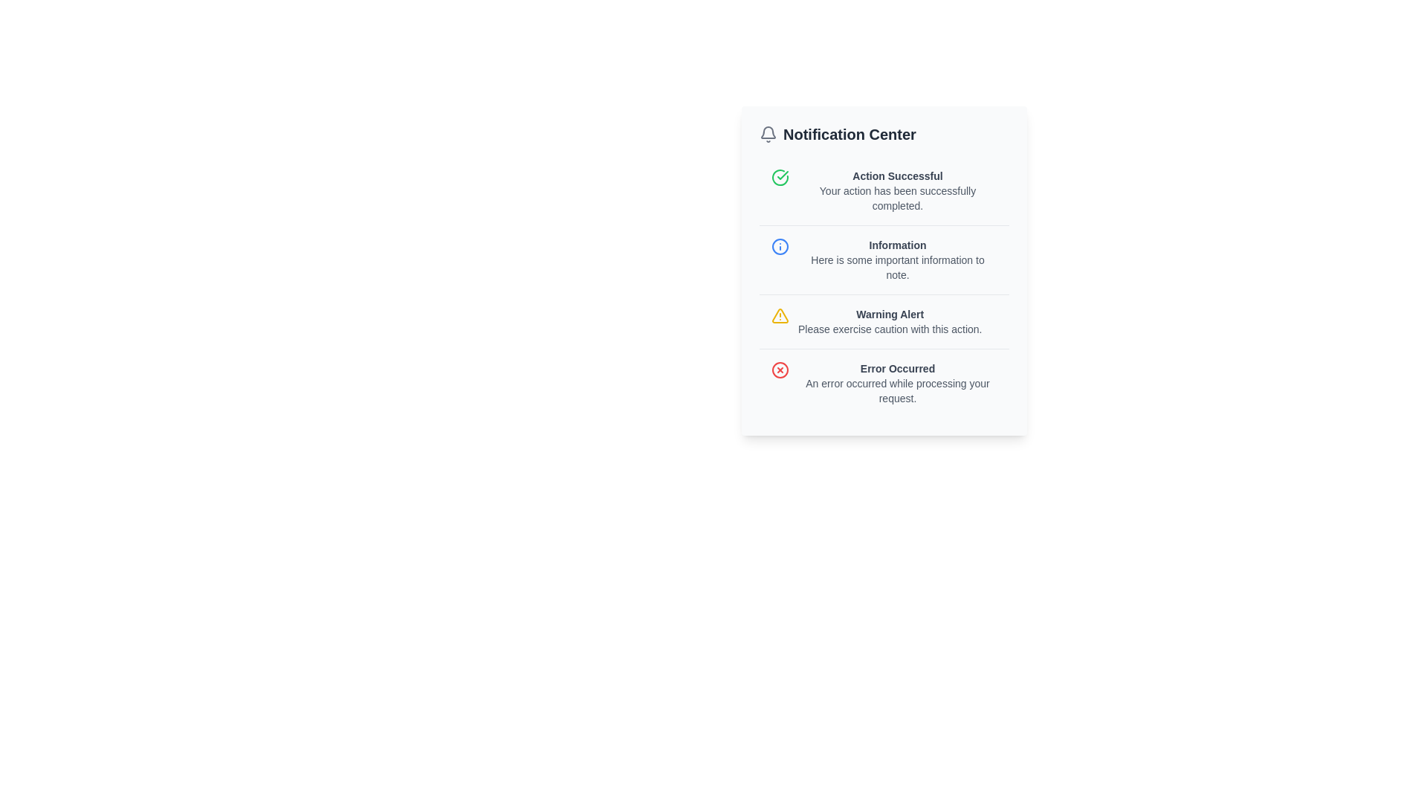  I want to click on the Header Section element containing the bell icon and 'Notification Center' text, which is located at the top of the notification panel, so click(884, 135).